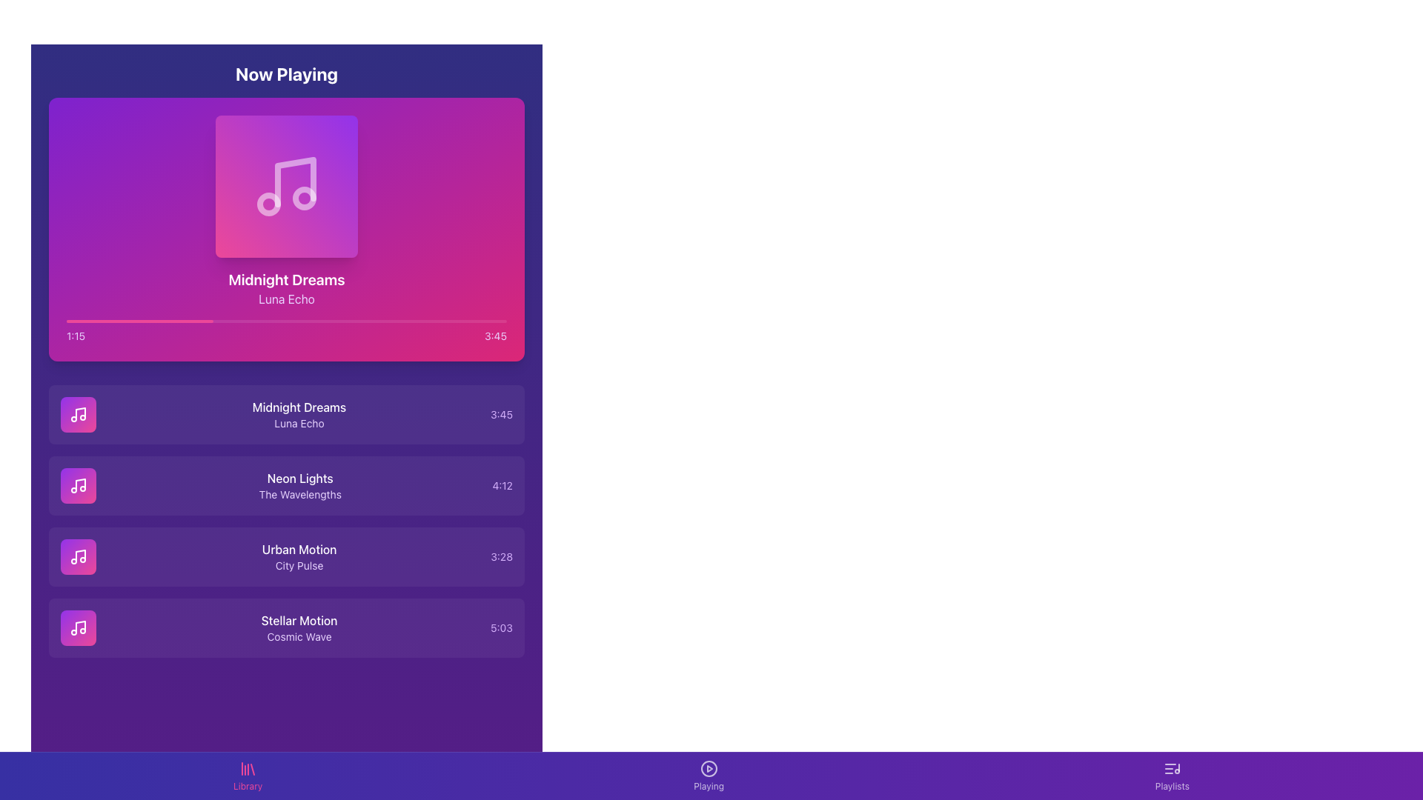  What do you see at coordinates (299, 485) in the screenshot?
I see `on the text block displaying the song title 'Neon Lights' and artist name 'The Wavelengths'` at bounding box center [299, 485].